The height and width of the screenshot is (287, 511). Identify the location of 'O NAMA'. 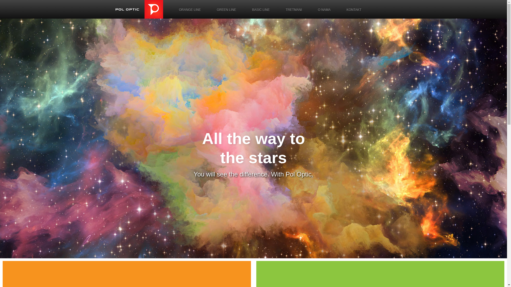
(324, 10).